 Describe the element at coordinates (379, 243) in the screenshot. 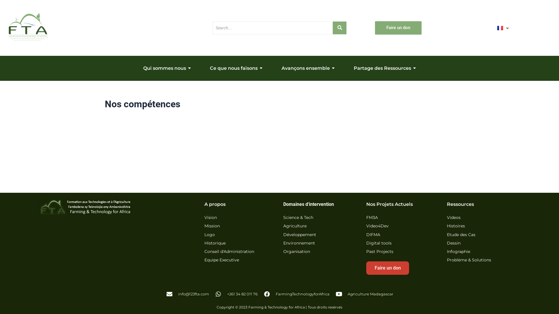

I see `'Digital tools'` at that location.